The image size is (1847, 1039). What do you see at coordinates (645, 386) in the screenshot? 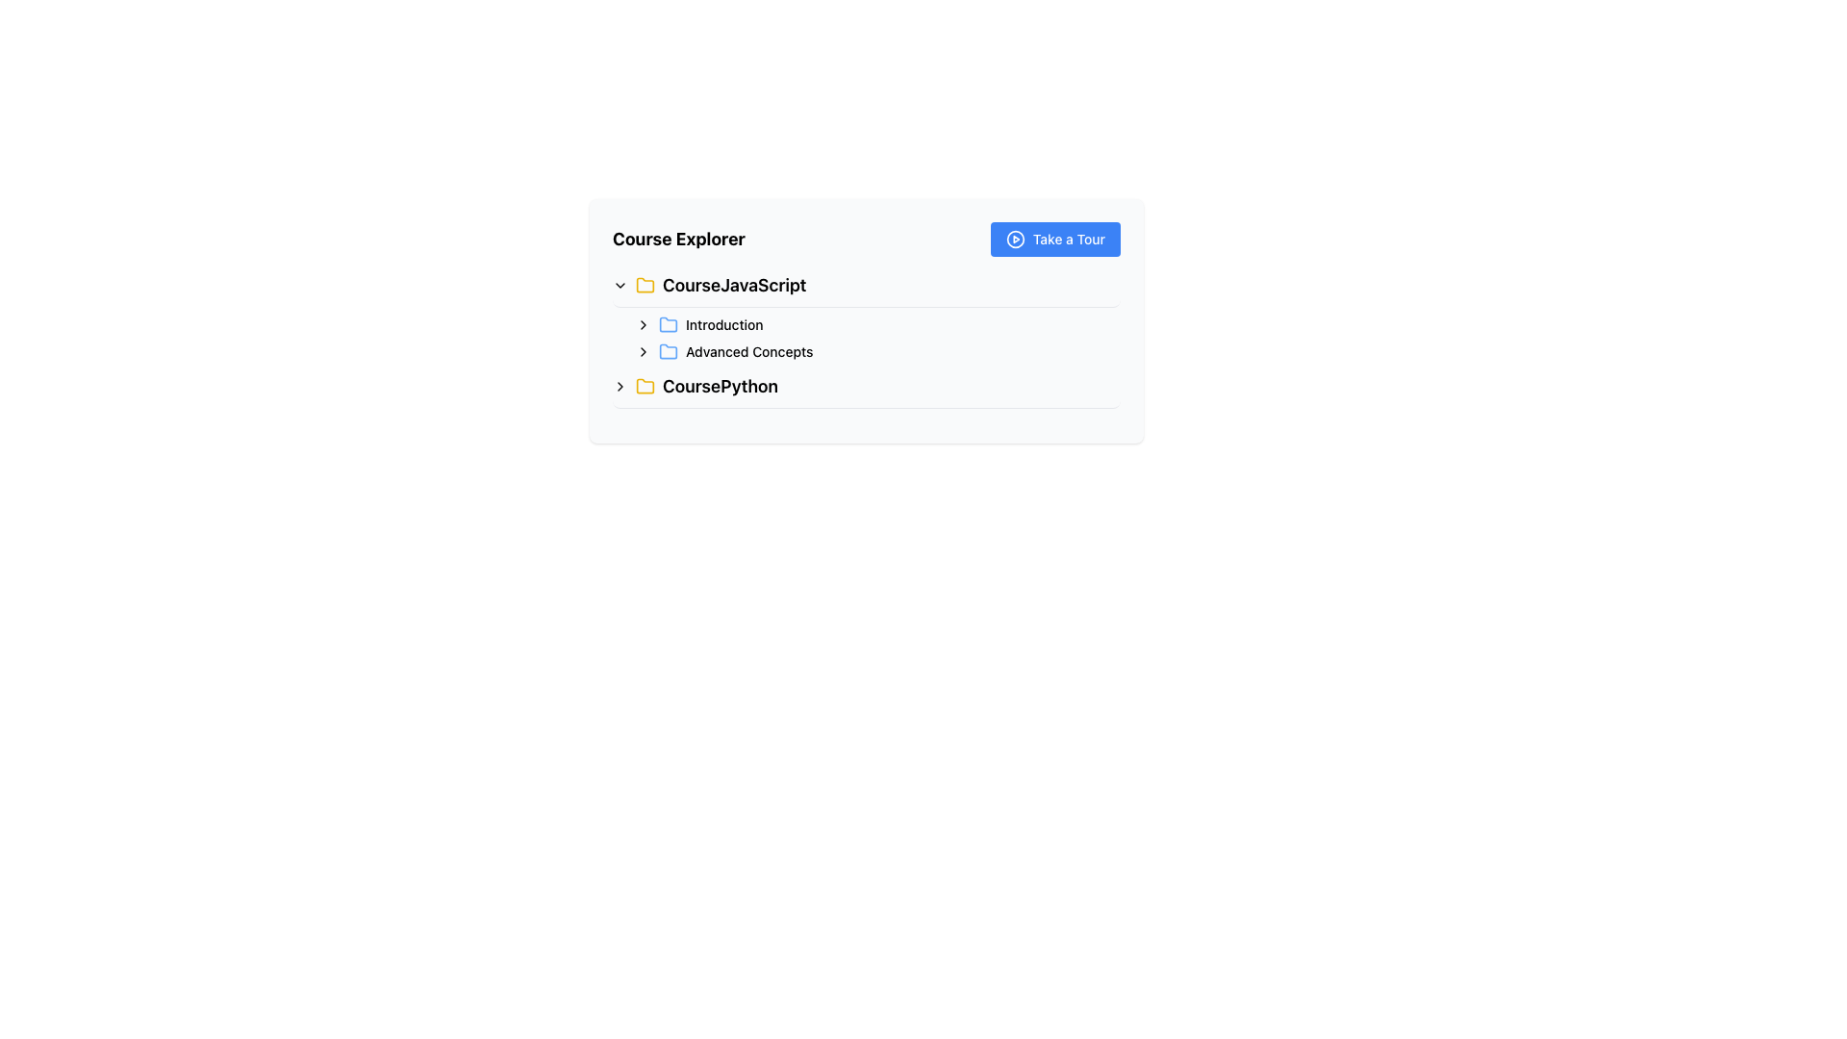
I see `the folder icon representing the 'CoursePython' course, which is the first graphical element in its list item located to the immediate left of the folder name` at bounding box center [645, 386].